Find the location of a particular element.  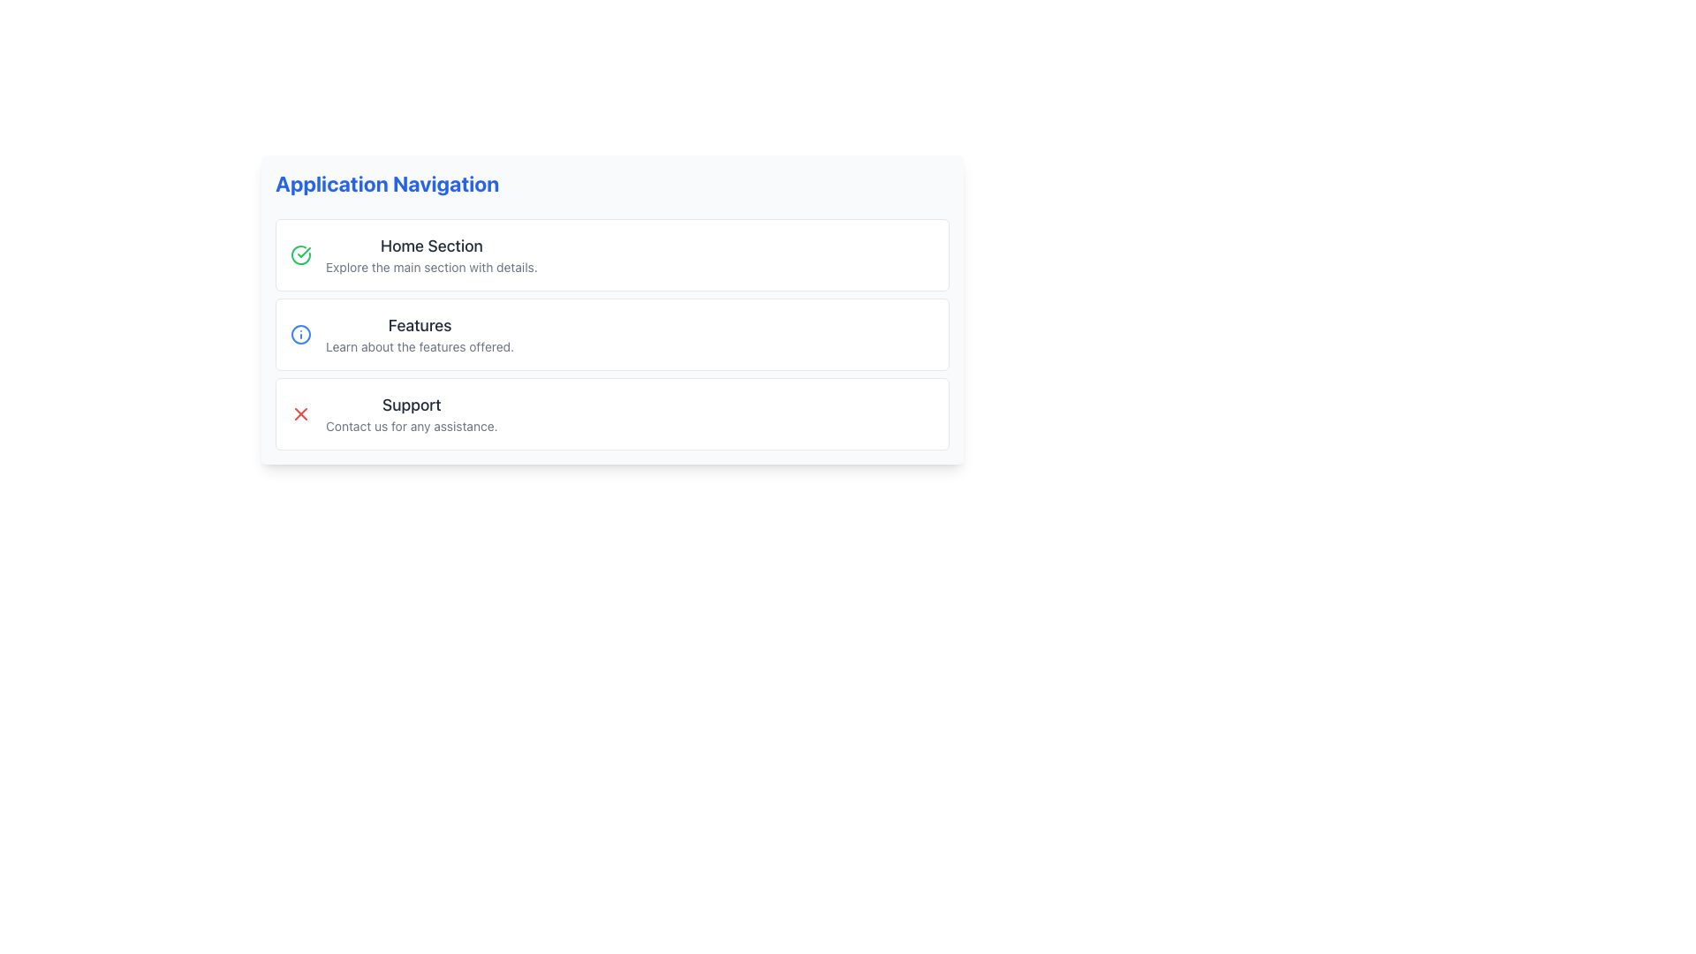

the 'Features' hyperlink that redirects to 'section2' is located at coordinates (419, 325).